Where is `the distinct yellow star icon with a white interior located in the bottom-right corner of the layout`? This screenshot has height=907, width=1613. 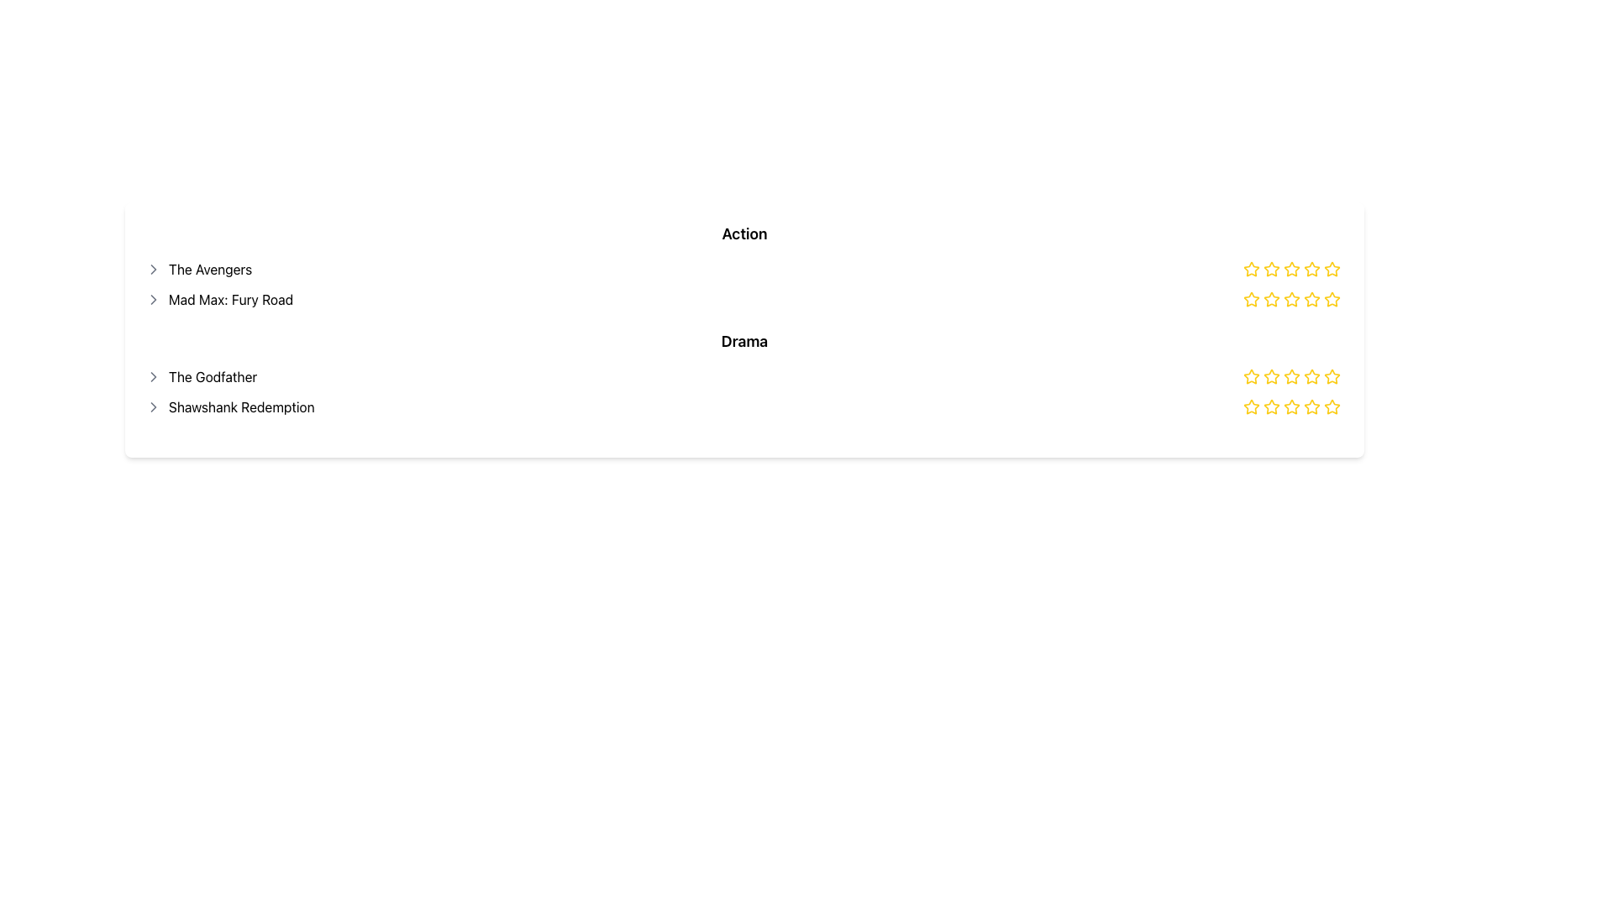 the distinct yellow star icon with a white interior located in the bottom-right corner of the layout is located at coordinates (1311, 406).